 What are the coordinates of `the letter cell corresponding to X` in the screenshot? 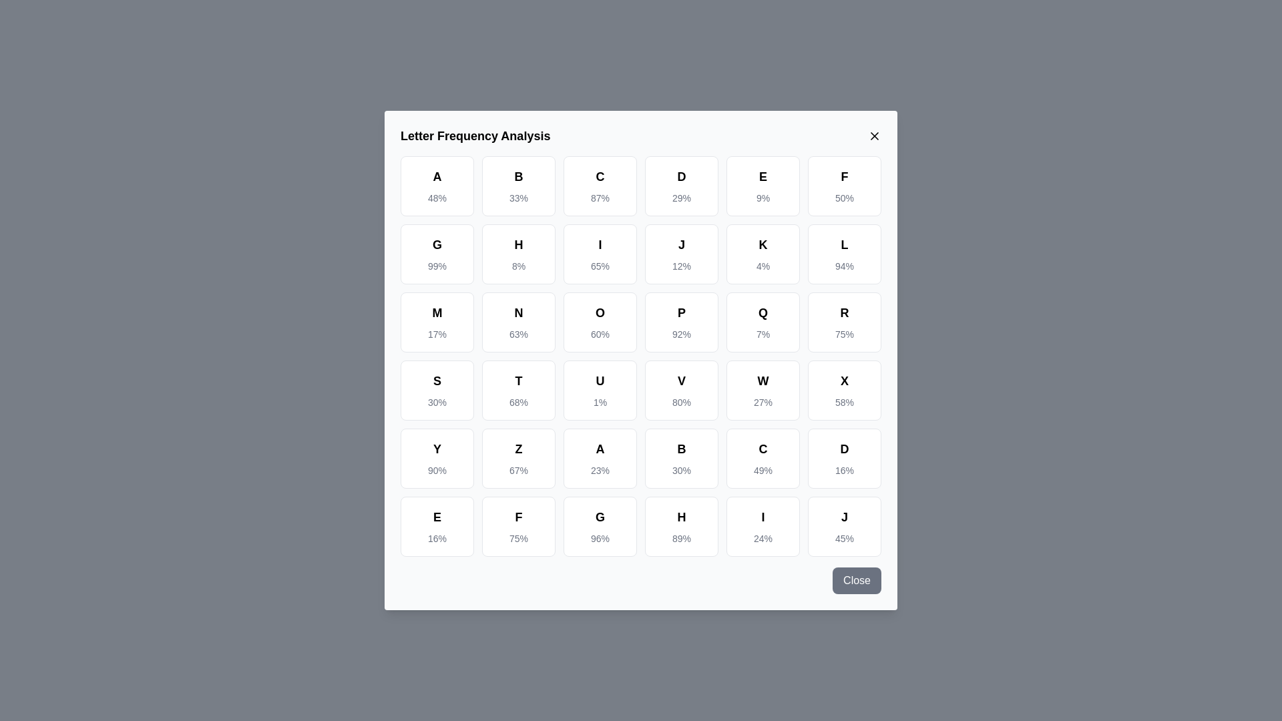 It's located at (844, 391).